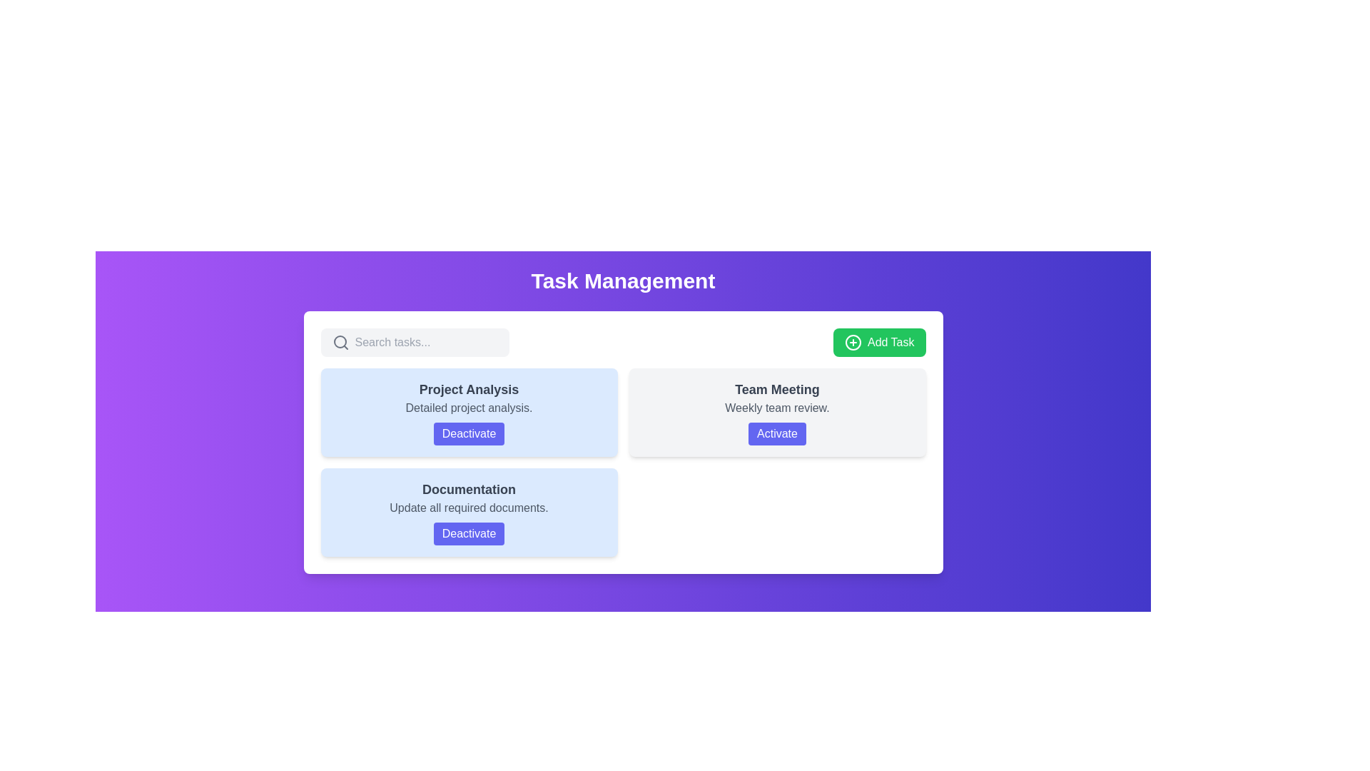  What do you see at coordinates (339, 341) in the screenshot?
I see `the circular element within the SVG icon representing a magnifying glass, located in the task management header section near the 'Search tasks...' input box` at bounding box center [339, 341].